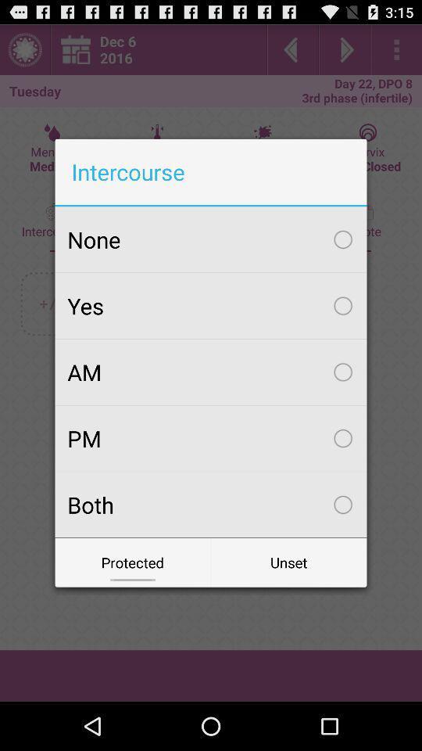 The image size is (422, 751). I want to click on the am, so click(211, 372).